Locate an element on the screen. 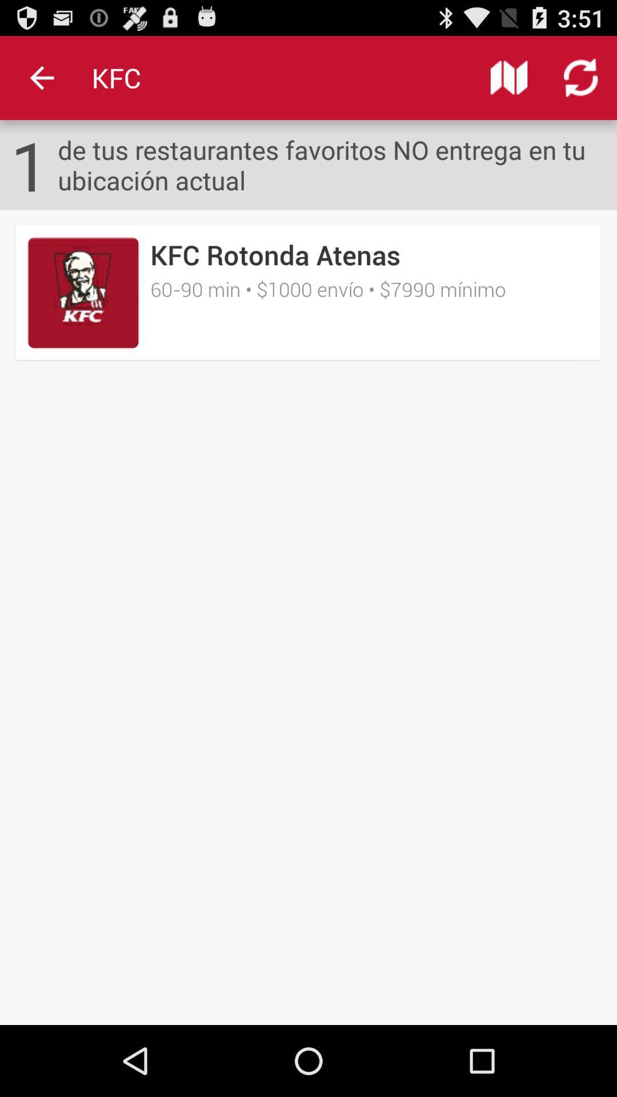 The width and height of the screenshot is (617, 1097). item next to kfc is located at coordinates (41, 77).